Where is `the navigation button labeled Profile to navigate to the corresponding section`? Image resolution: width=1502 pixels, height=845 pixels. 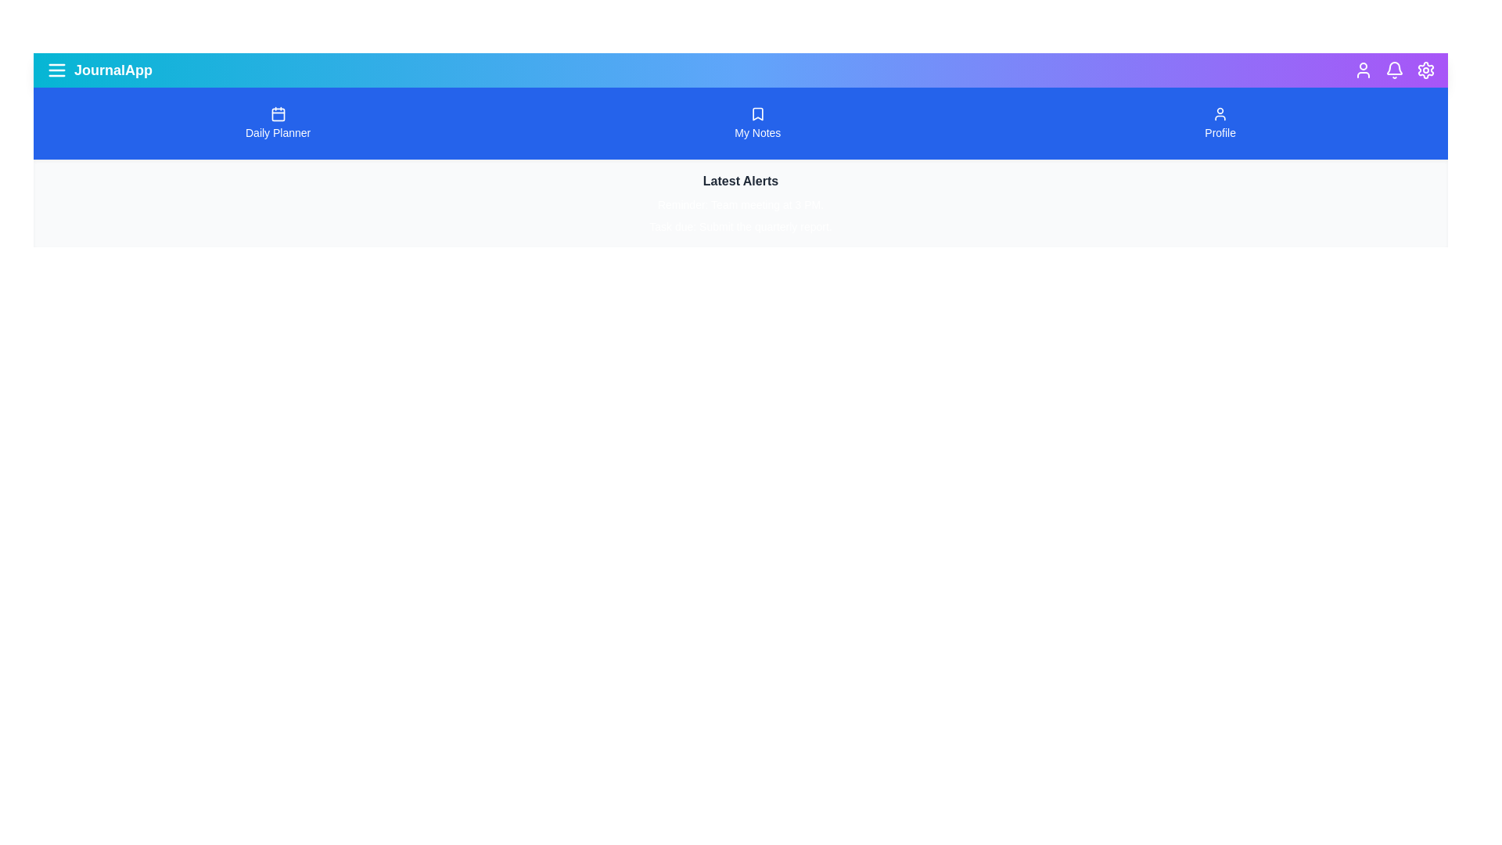
the navigation button labeled Profile to navigate to the corresponding section is located at coordinates (1220, 123).